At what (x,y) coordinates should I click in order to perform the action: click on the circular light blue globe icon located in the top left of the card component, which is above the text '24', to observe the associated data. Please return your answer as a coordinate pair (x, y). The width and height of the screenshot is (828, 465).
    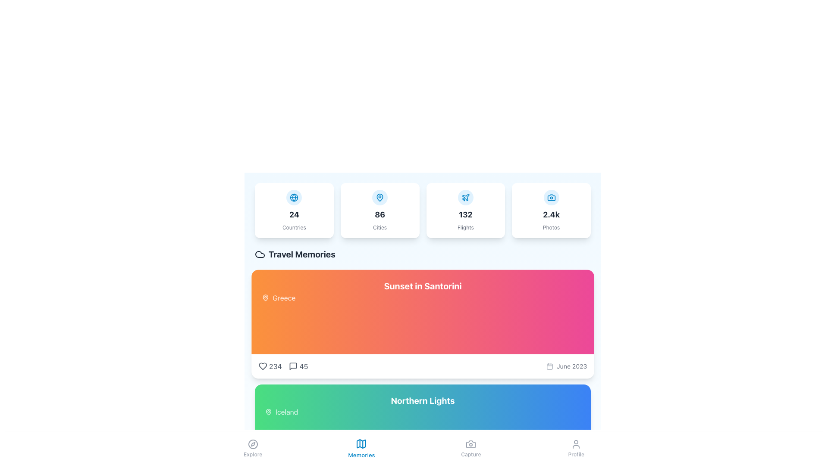
    Looking at the image, I should click on (294, 198).